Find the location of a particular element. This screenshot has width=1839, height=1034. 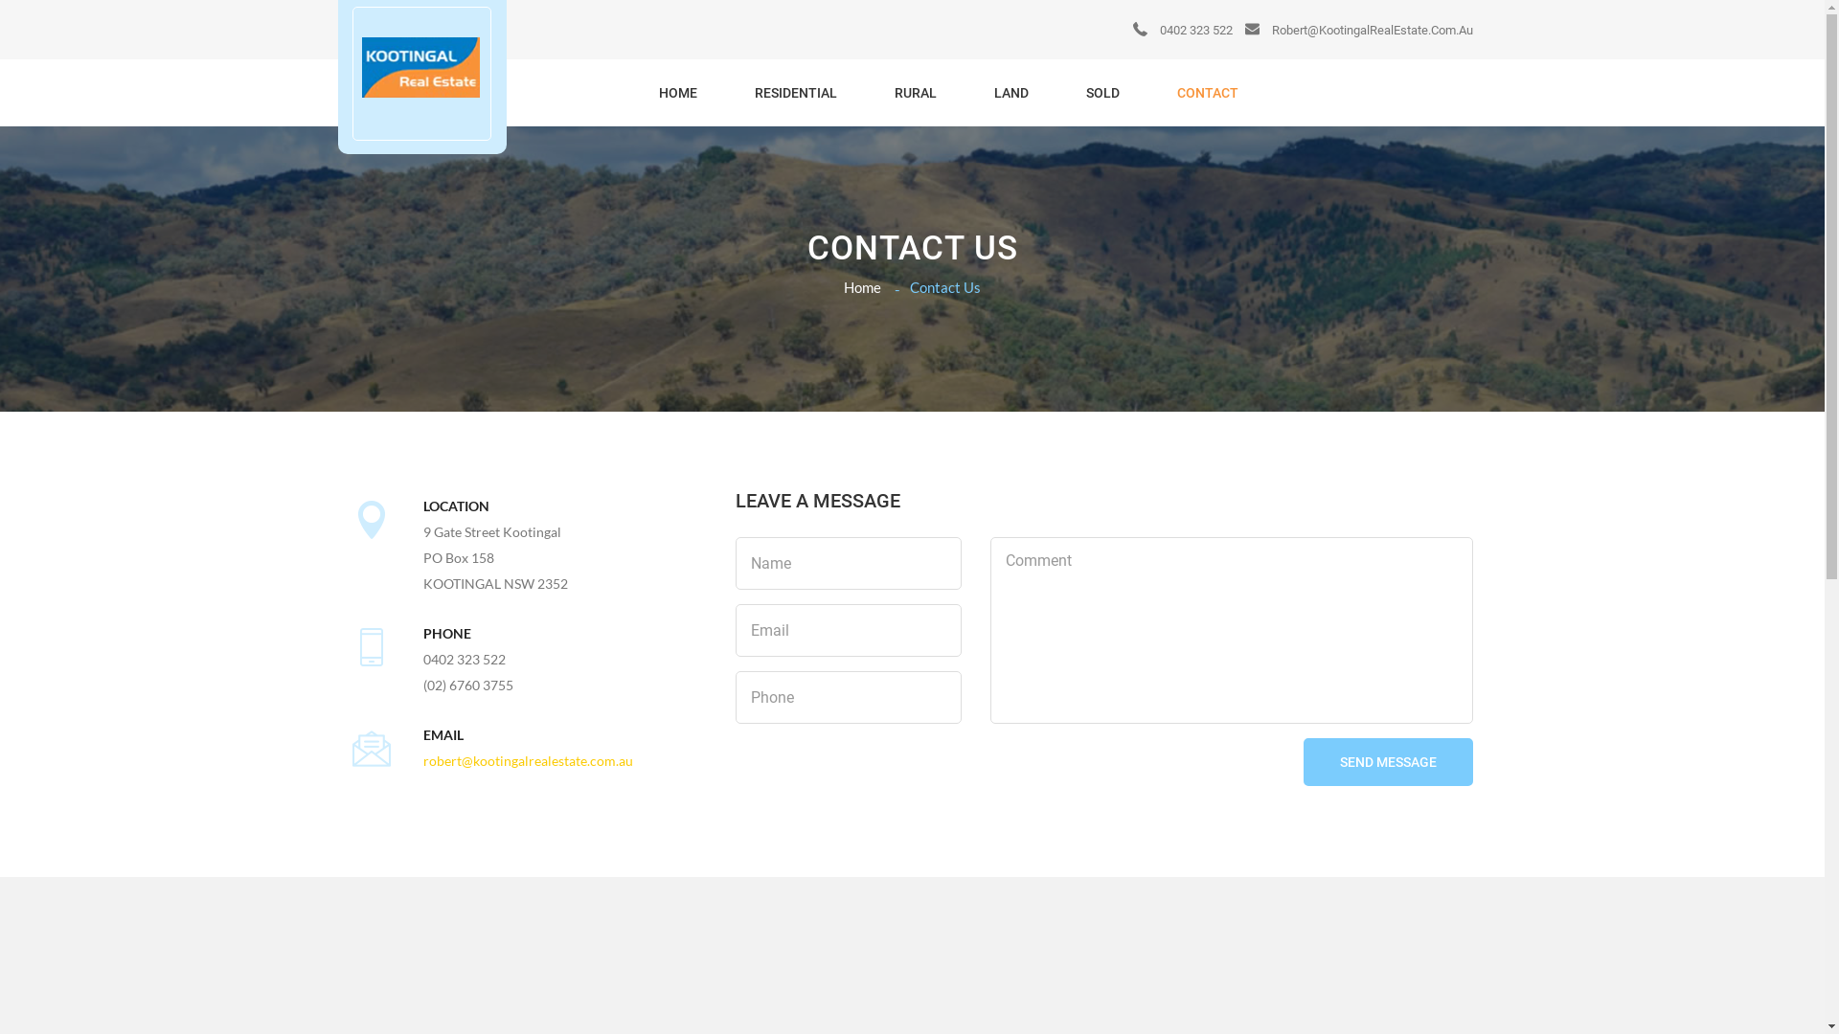

'CONTACT' is located at coordinates (1205, 92).